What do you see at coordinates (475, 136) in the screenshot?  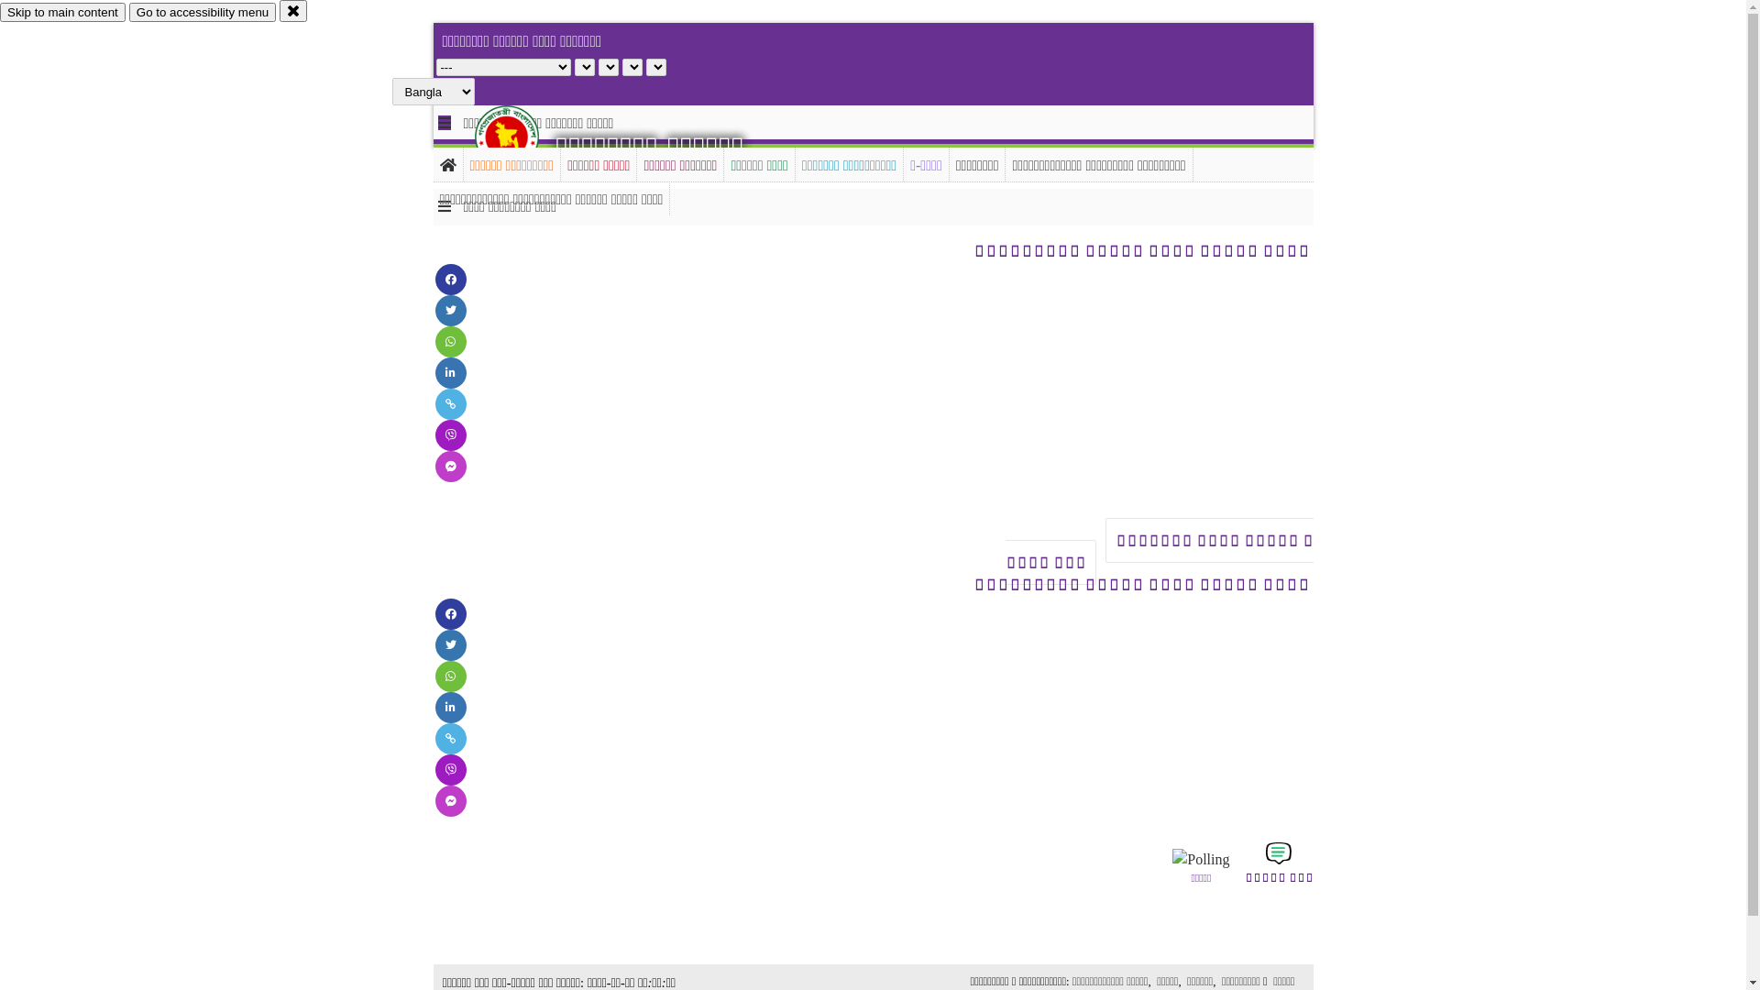 I see `'` at bounding box center [475, 136].